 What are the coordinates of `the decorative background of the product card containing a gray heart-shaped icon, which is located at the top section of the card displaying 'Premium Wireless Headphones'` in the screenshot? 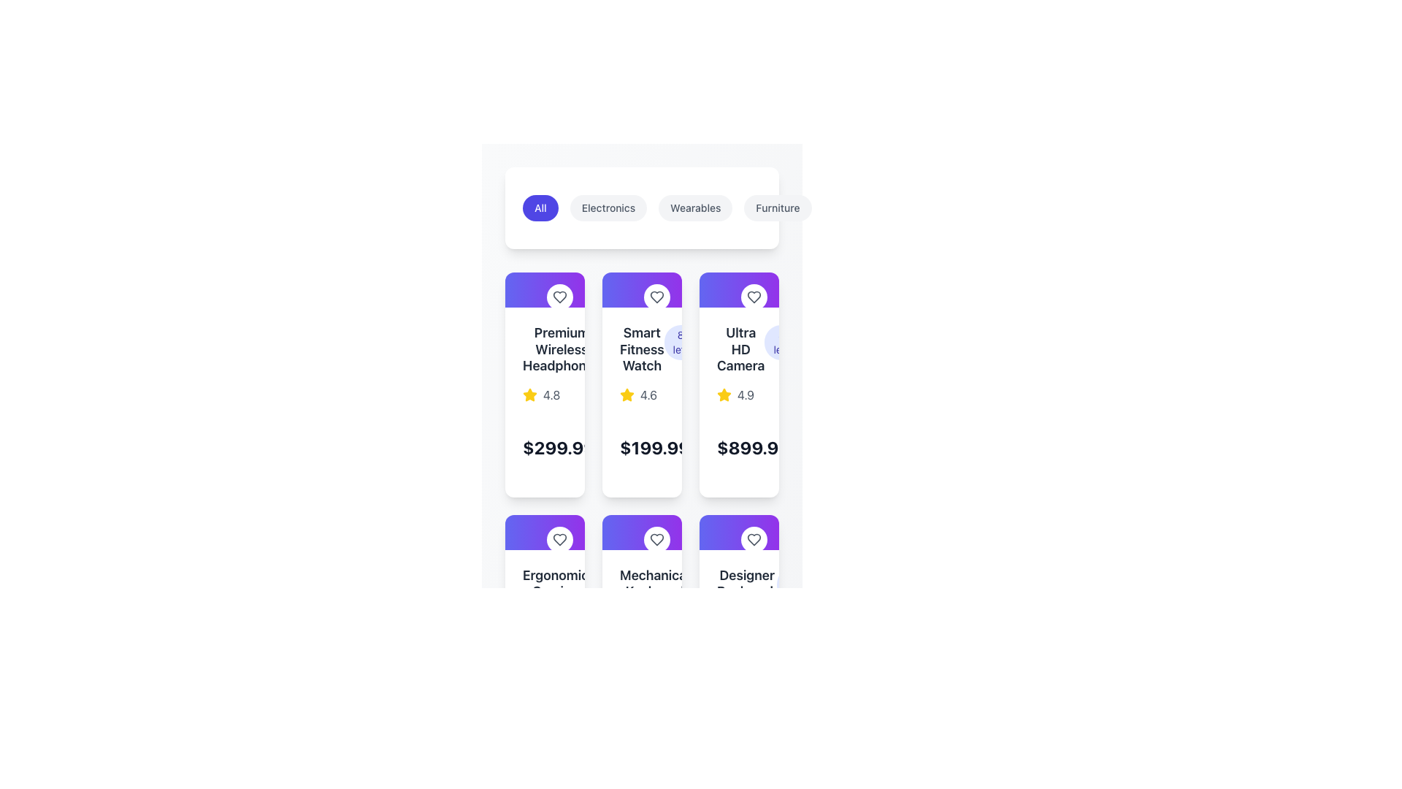 It's located at (544, 290).